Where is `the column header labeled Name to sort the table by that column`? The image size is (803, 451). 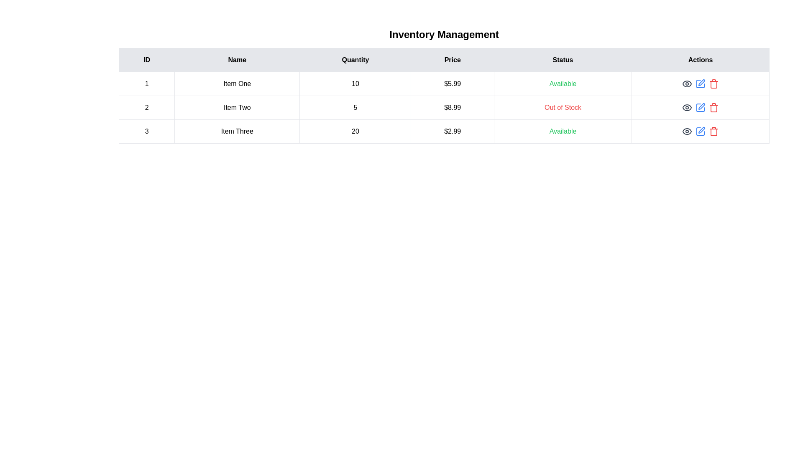 the column header labeled Name to sort the table by that column is located at coordinates (236, 59).